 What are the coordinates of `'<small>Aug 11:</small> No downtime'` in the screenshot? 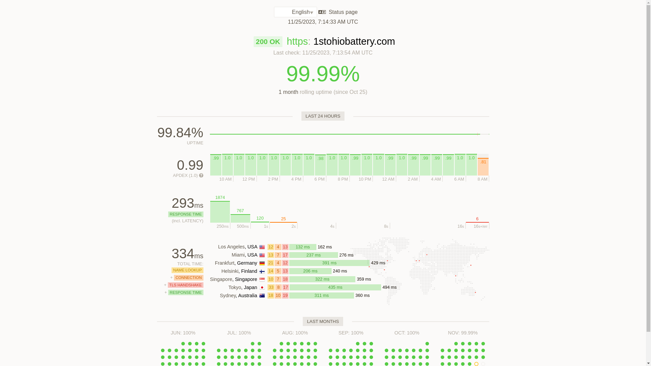 It's located at (298, 350).